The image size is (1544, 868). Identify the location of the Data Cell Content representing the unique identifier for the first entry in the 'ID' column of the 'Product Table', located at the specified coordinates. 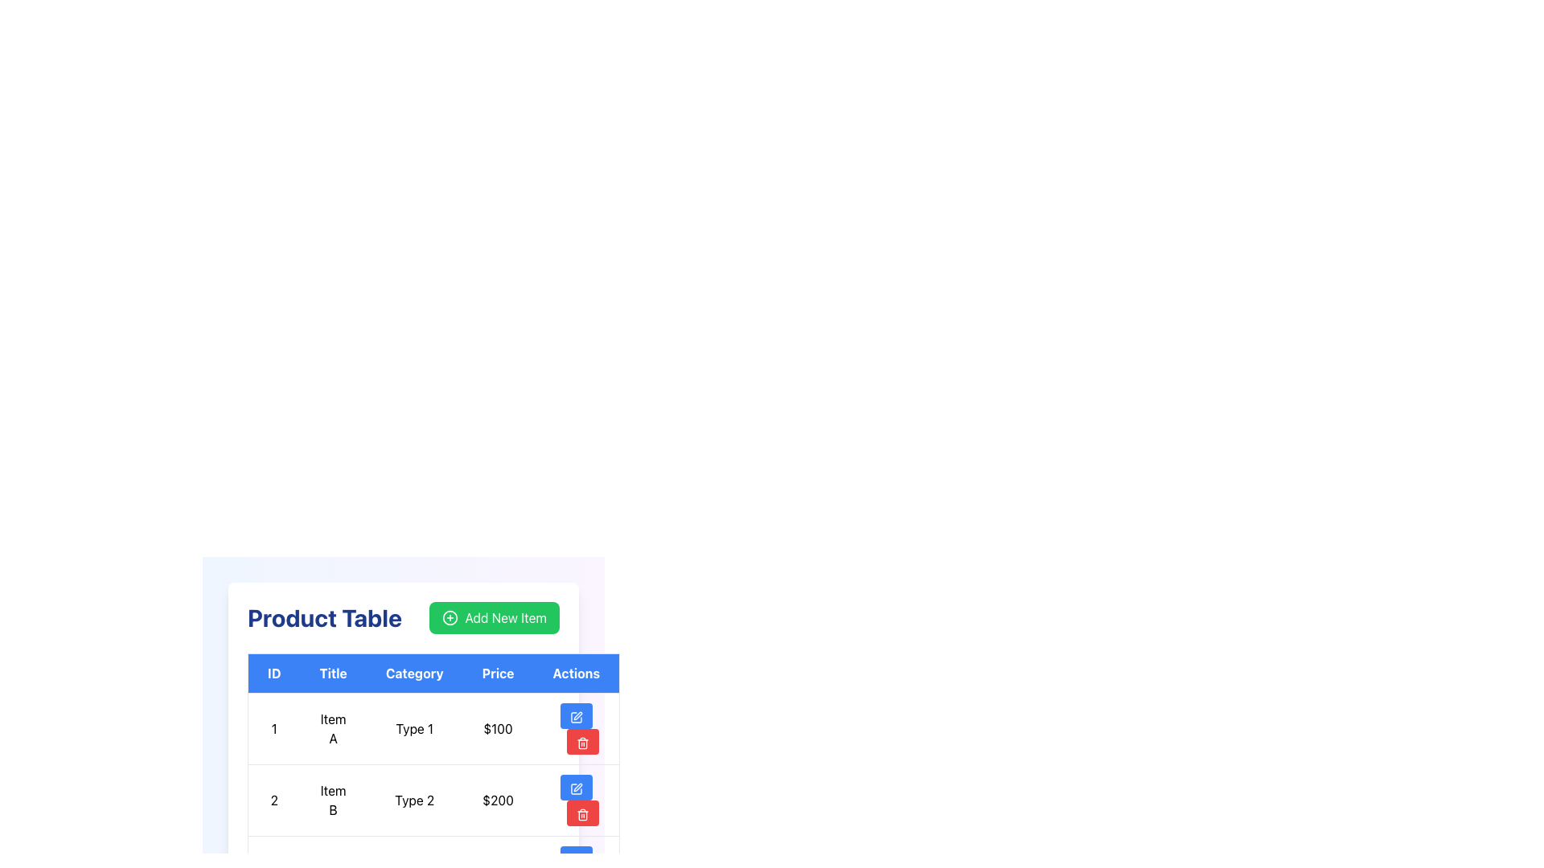
(273, 728).